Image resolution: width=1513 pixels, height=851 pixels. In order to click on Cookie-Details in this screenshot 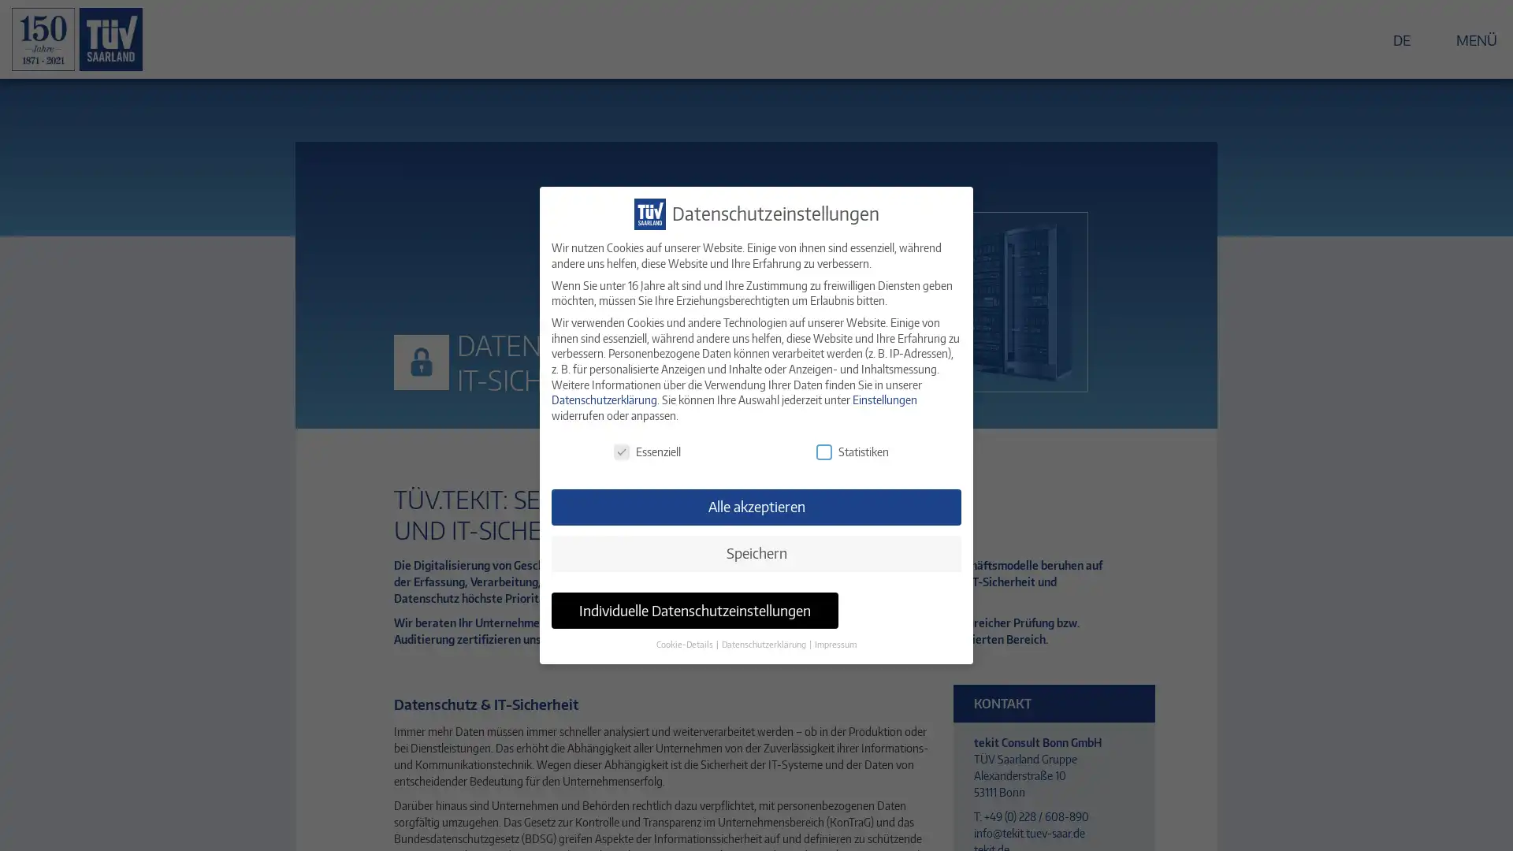, I will do `click(685, 644)`.